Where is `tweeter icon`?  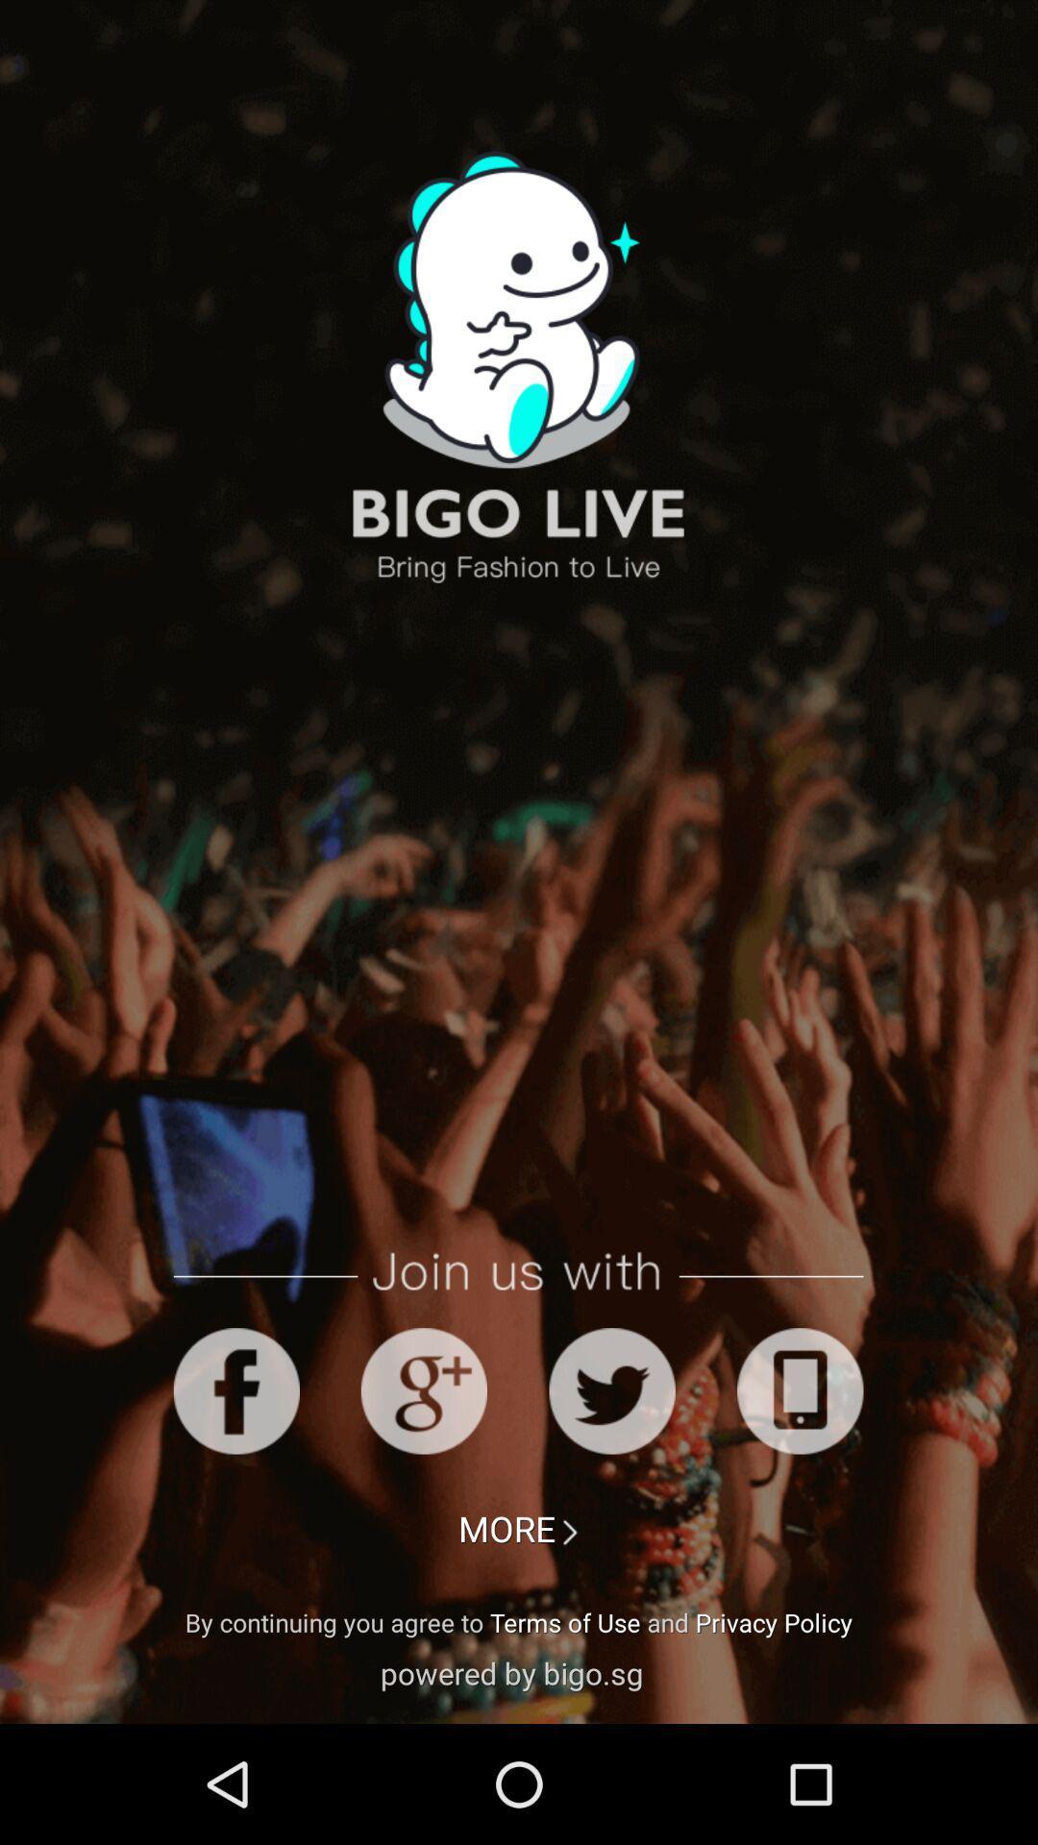 tweeter icon is located at coordinates (612, 1390).